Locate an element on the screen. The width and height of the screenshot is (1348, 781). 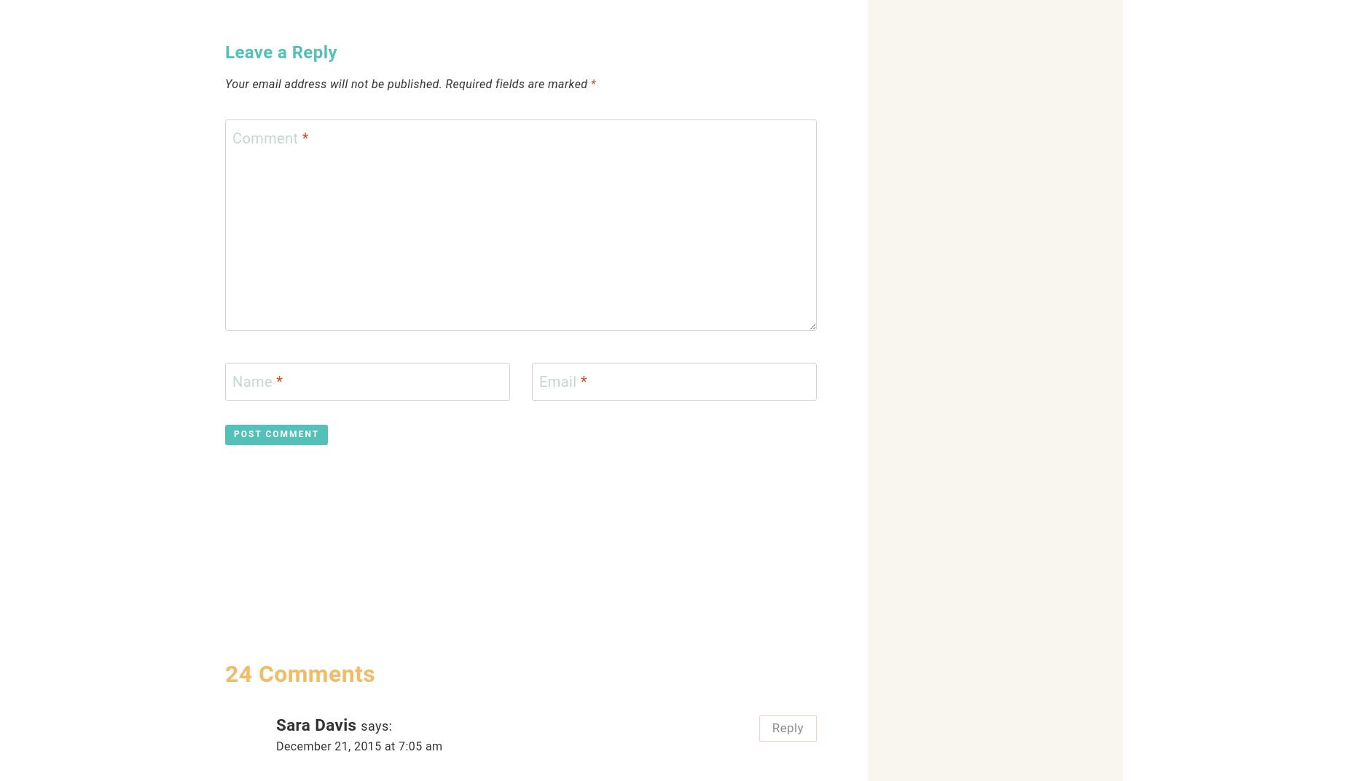
'Email' is located at coordinates (559, 381).